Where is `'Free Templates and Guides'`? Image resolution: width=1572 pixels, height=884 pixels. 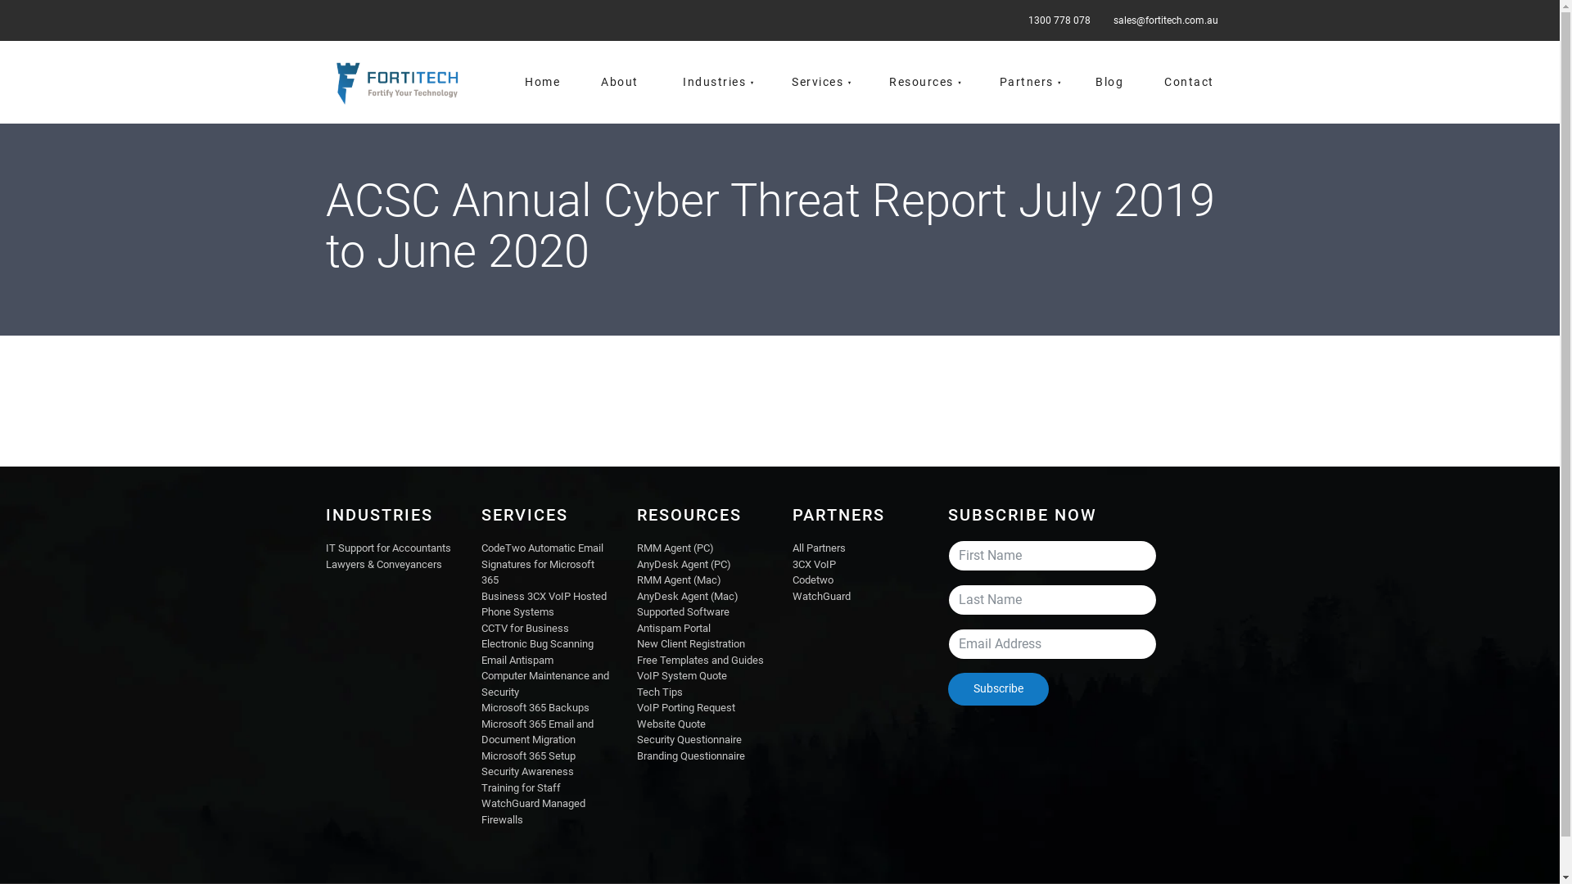
'Free Templates and Guides' is located at coordinates (635, 659).